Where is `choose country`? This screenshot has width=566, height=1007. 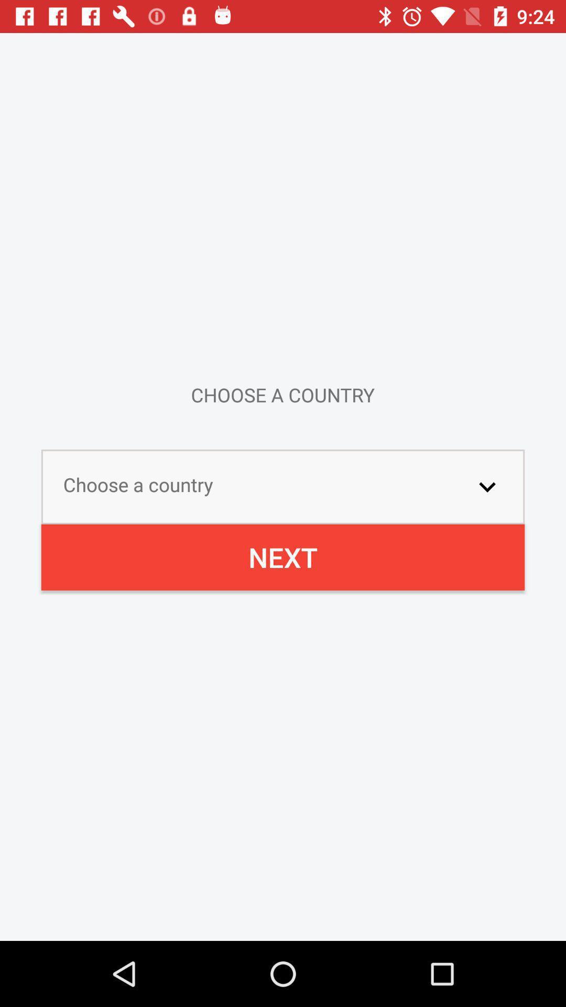 choose country is located at coordinates (487, 486).